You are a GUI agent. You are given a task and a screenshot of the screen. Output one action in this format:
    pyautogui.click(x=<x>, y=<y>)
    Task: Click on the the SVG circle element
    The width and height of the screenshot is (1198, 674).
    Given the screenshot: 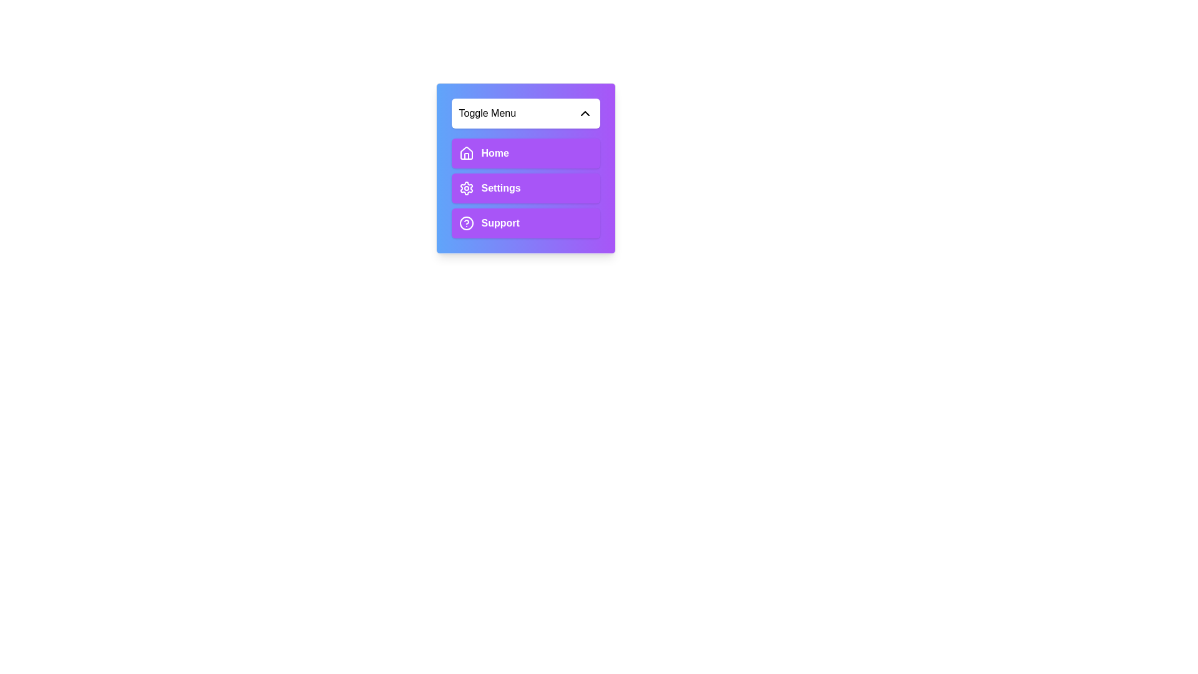 What is the action you would take?
    pyautogui.click(x=465, y=223)
    